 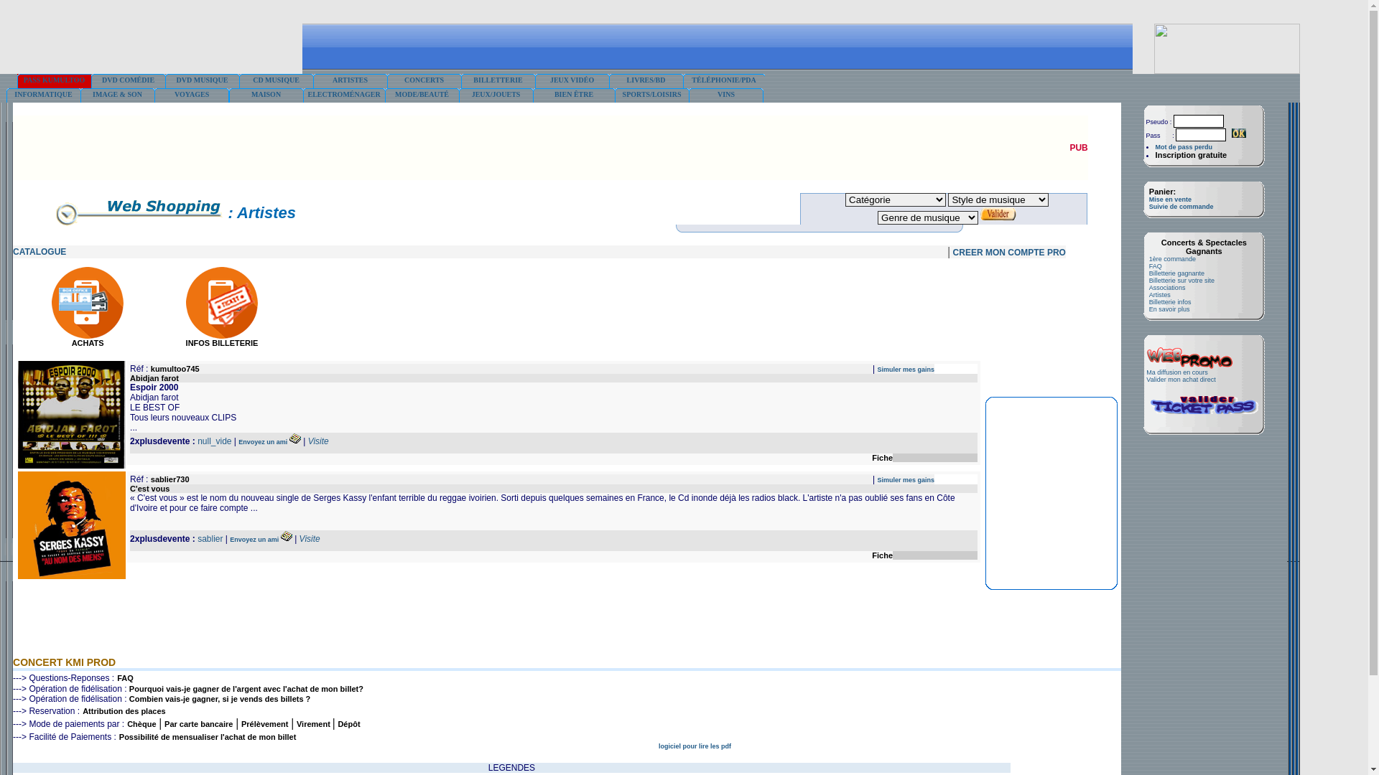 I want to click on 'FAQ', so click(x=125, y=678).